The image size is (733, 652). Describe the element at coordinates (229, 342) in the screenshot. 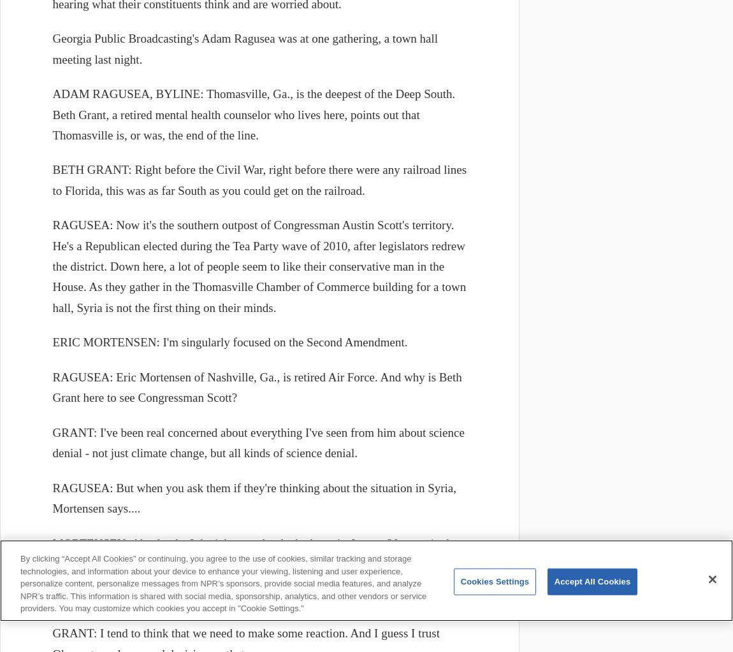

I see `'ERIC MORTENSEN: I'm singularly focused on the Second Amendment.'` at that location.